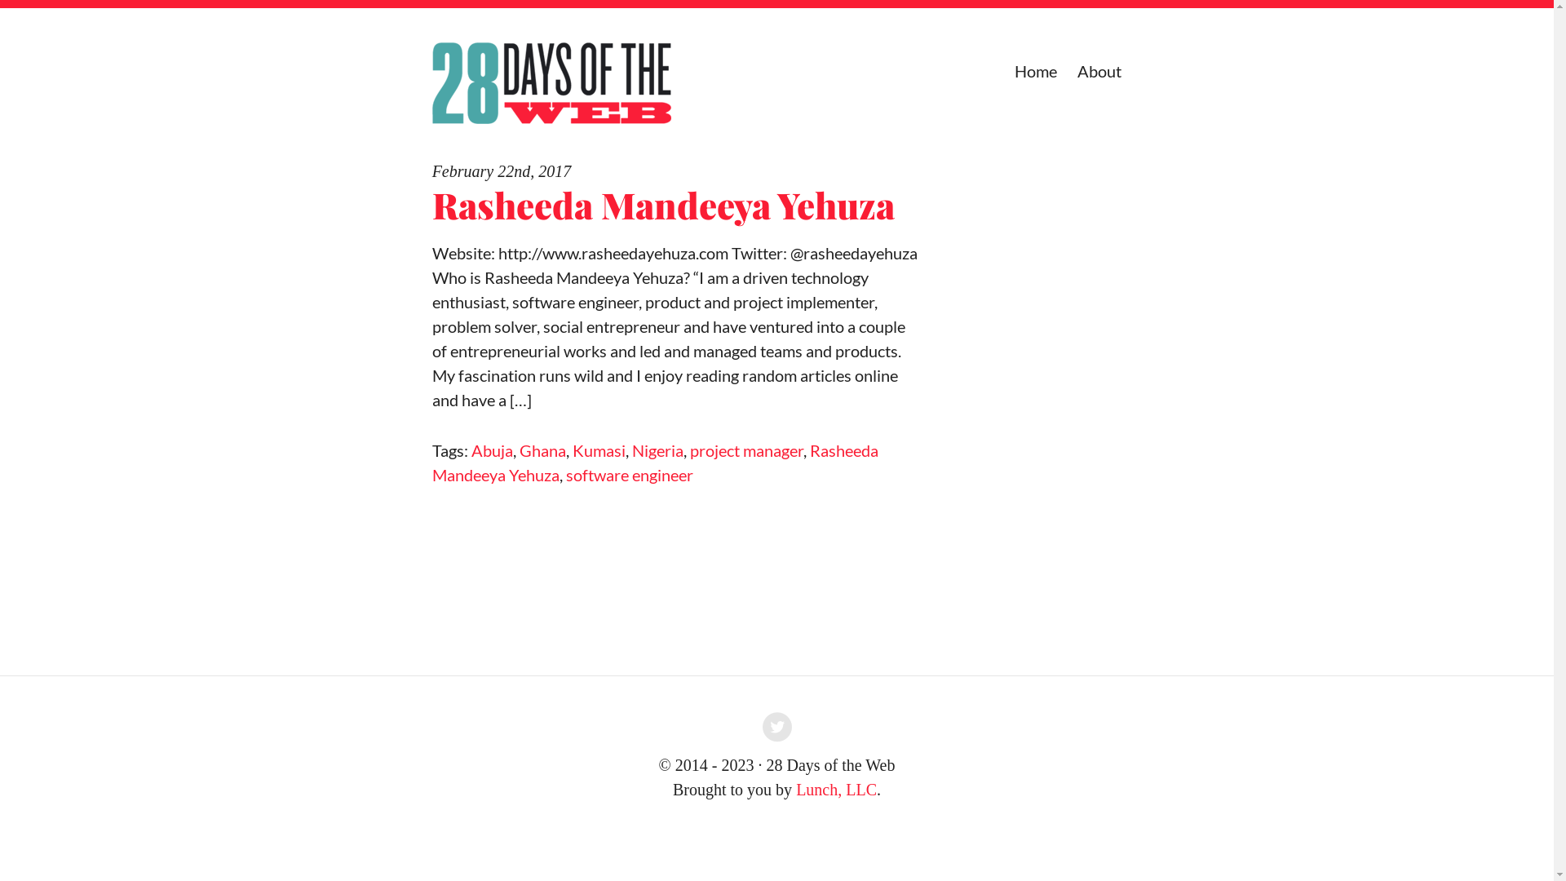 The width and height of the screenshot is (1566, 881). What do you see at coordinates (598, 449) in the screenshot?
I see `'Kumasi'` at bounding box center [598, 449].